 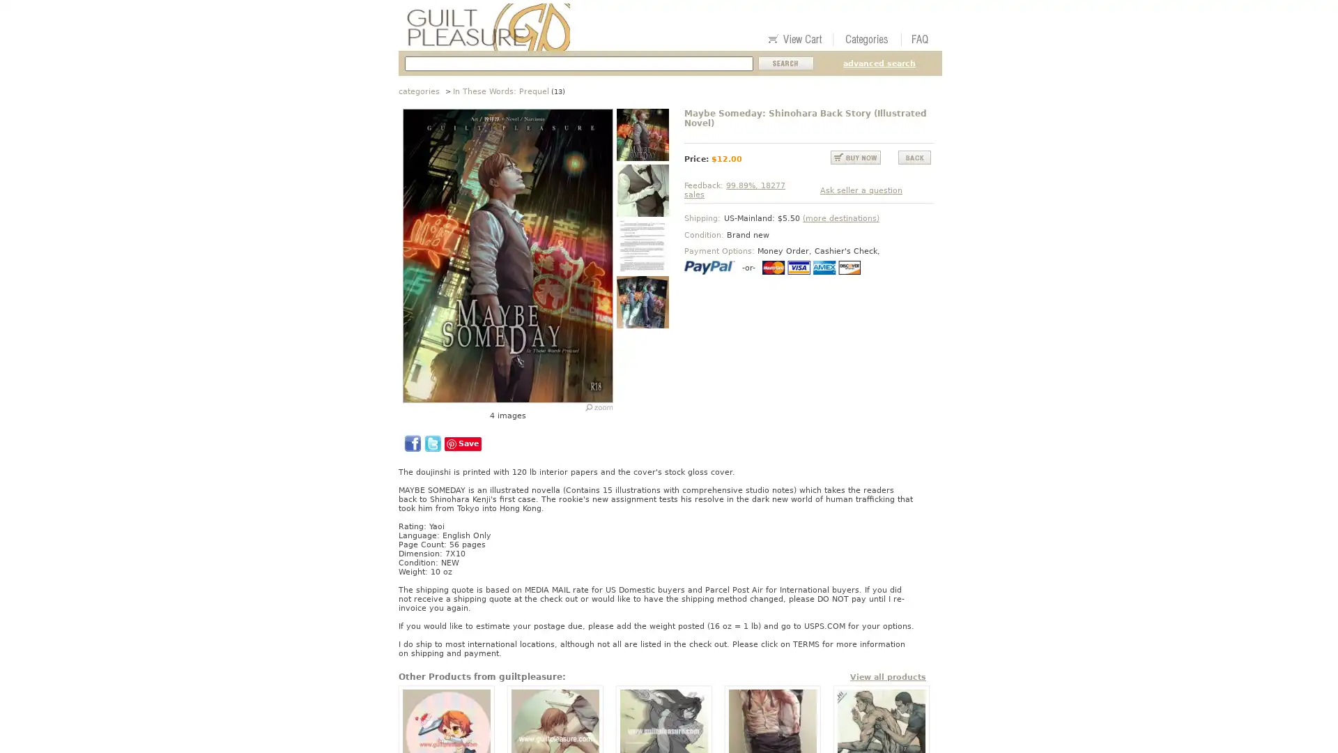 What do you see at coordinates (786, 63) in the screenshot?
I see `Submit` at bounding box center [786, 63].